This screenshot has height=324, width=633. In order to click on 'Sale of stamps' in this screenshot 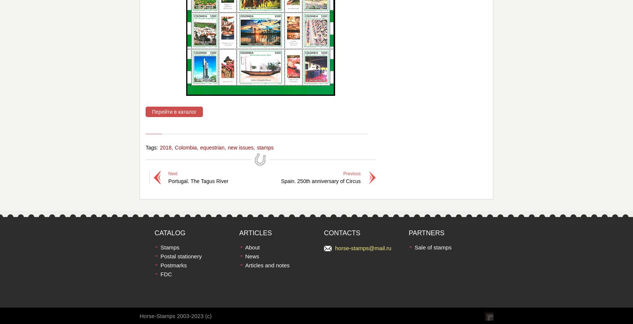, I will do `click(433, 247)`.